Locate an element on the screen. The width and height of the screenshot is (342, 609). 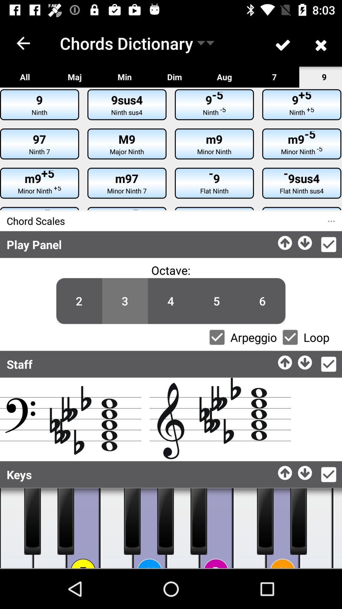
piano white key is located at coordinates (316, 528).